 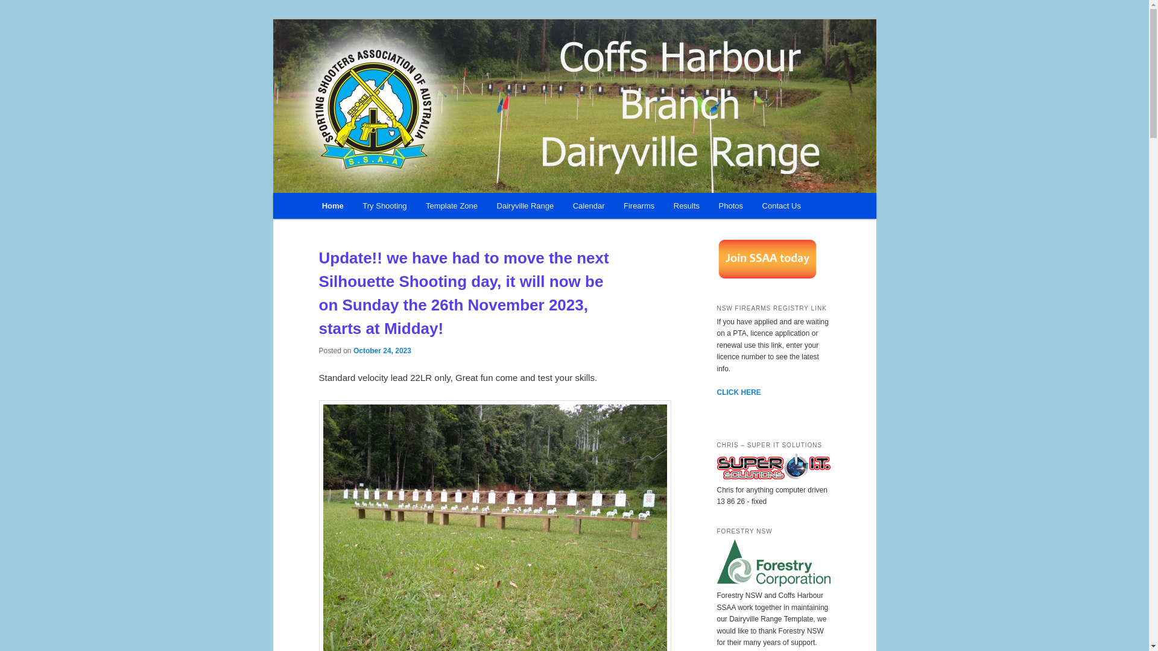 What do you see at coordinates (381, 350) in the screenshot?
I see `'October 24, 2023'` at bounding box center [381, 350].